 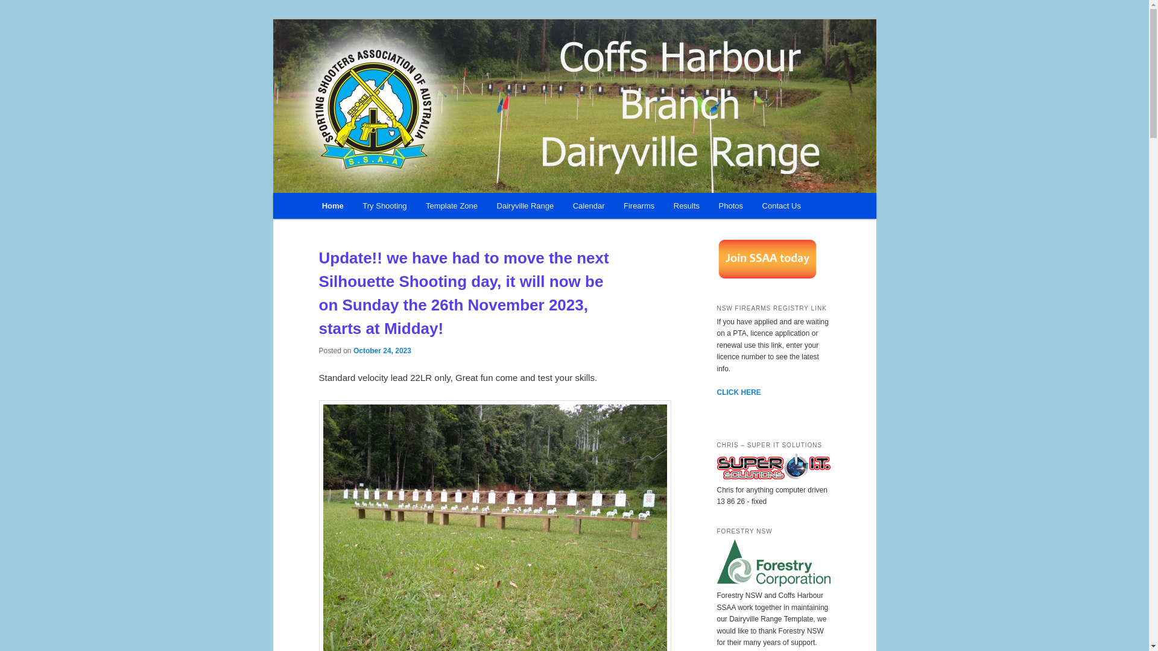 What do you see at coordinates (381, 350) in the screenshot?
I see `'October 24, 2023'` at bounding box center [381, 350].